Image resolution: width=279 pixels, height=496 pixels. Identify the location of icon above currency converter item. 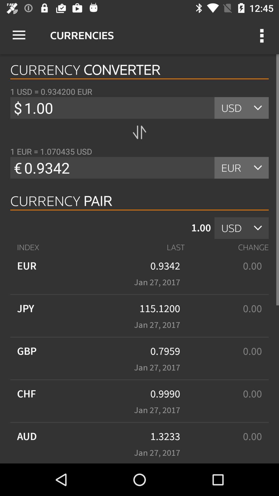
(19, 35).